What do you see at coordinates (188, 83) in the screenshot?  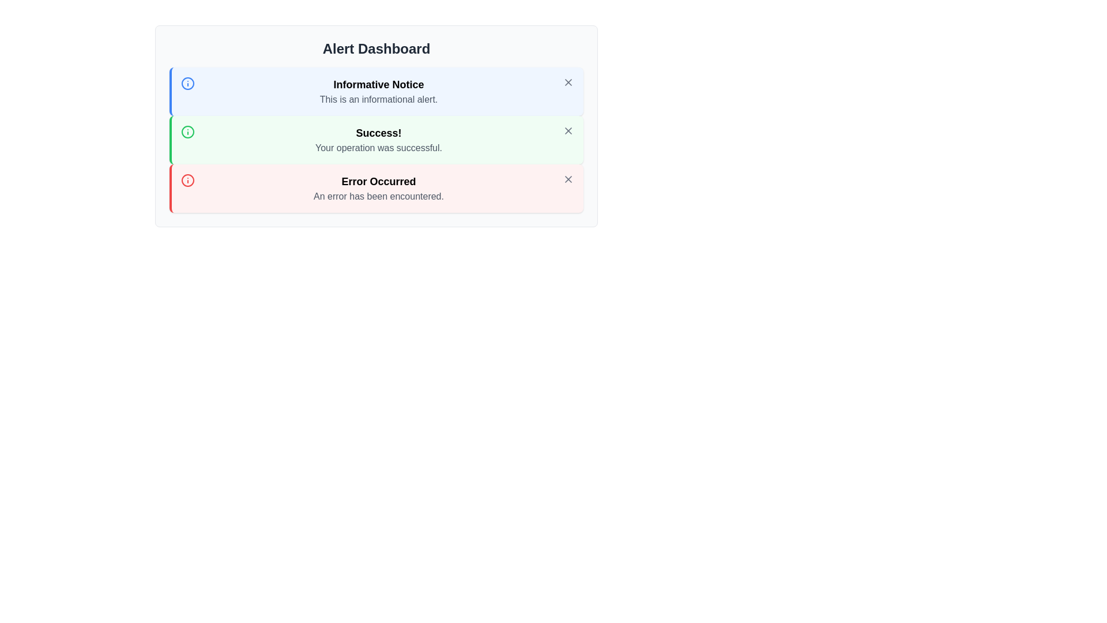 I see `the Circular icon located within the blue-bordered 'Informative Notice' section on the alert dashboard for additional information` at bounding box center [188, 83].